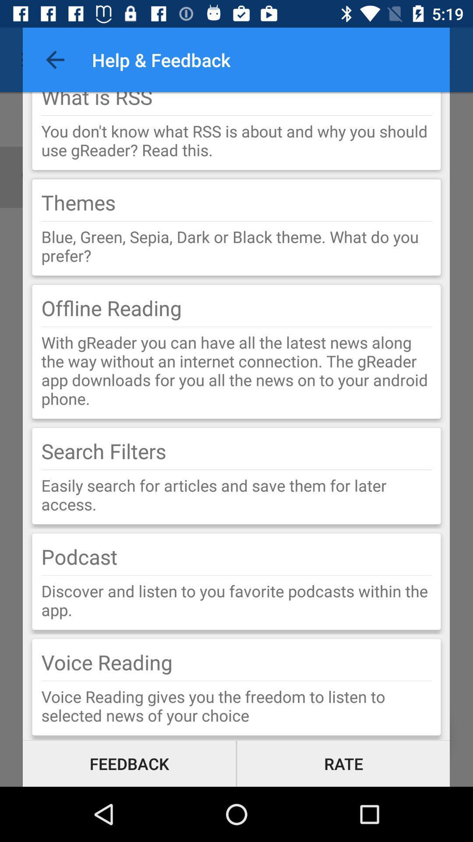 The width and height of the screenshot is (473, 842). Describe the element at coordinates (55, 59) in the screenshot. I see `the icon above the what is rss icon` at that location.